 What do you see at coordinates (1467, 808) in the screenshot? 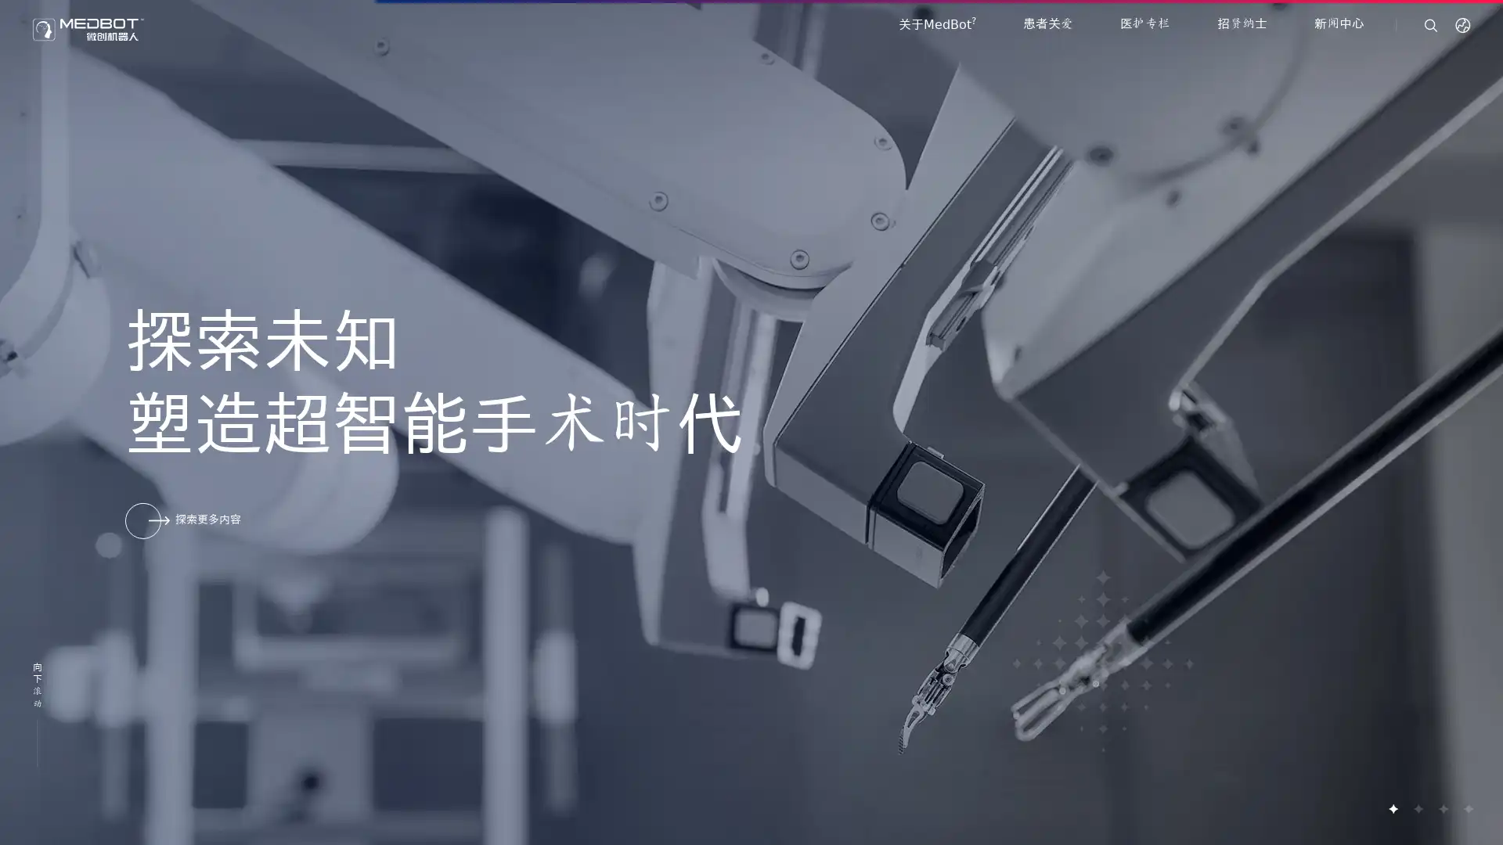
I see `Go to slide 4` at bounding box center [1467, 808].